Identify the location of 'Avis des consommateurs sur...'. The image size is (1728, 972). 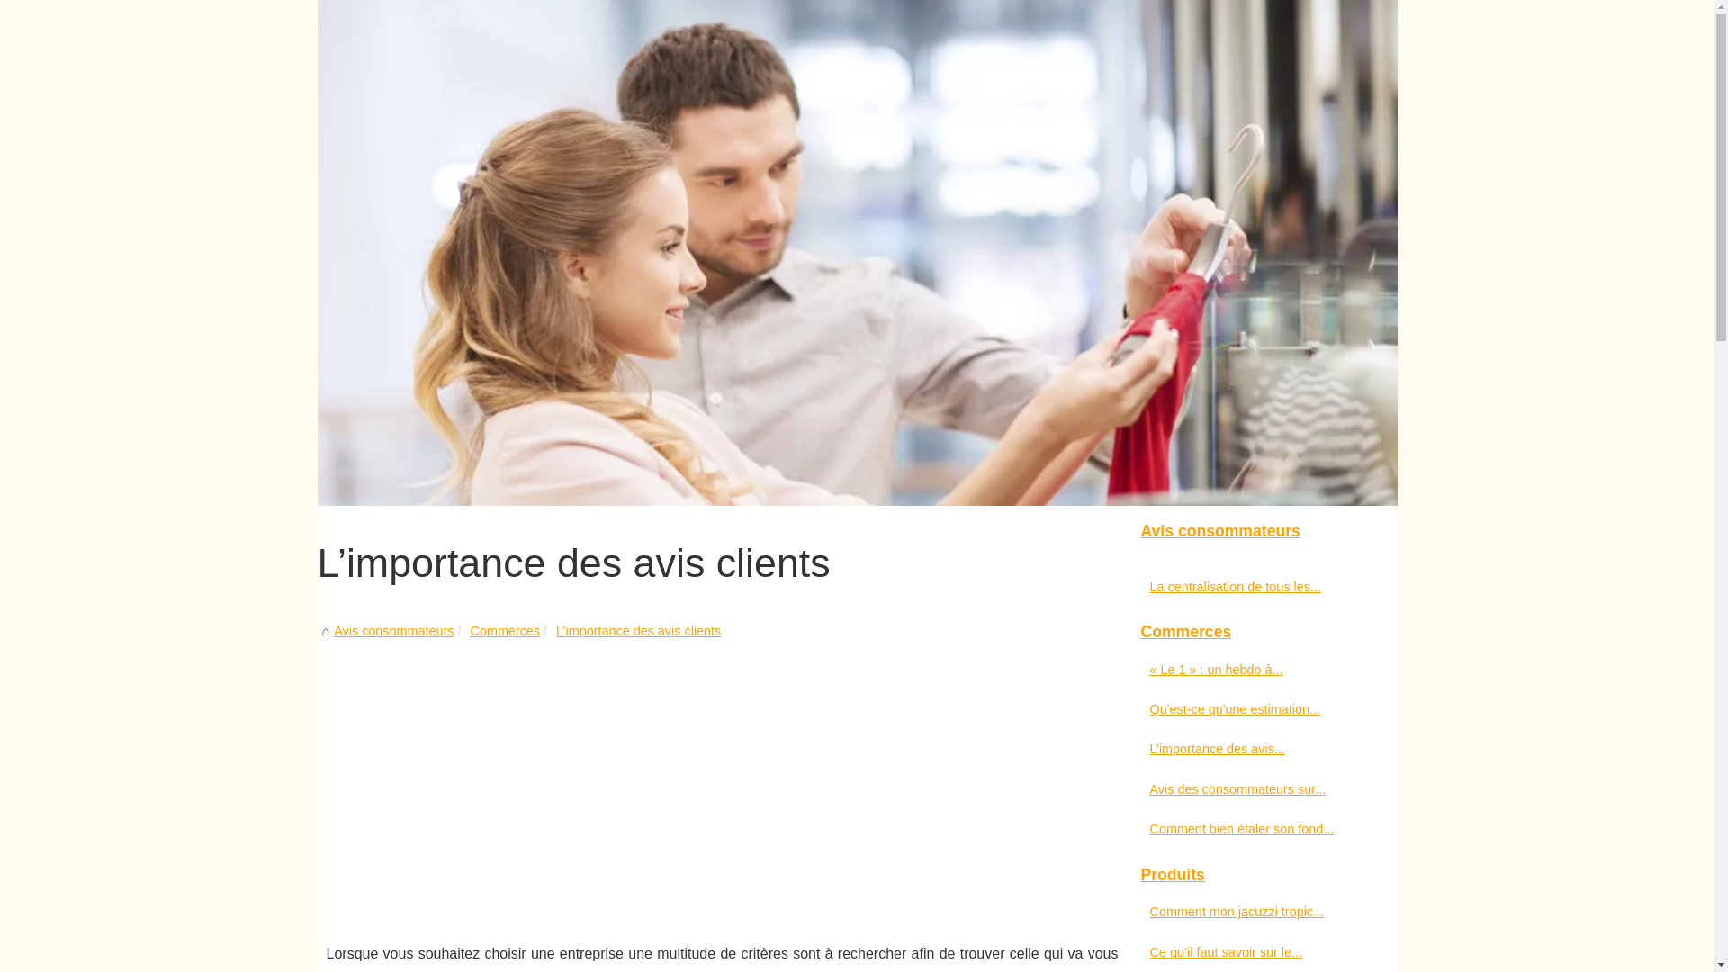
(1144, 787).